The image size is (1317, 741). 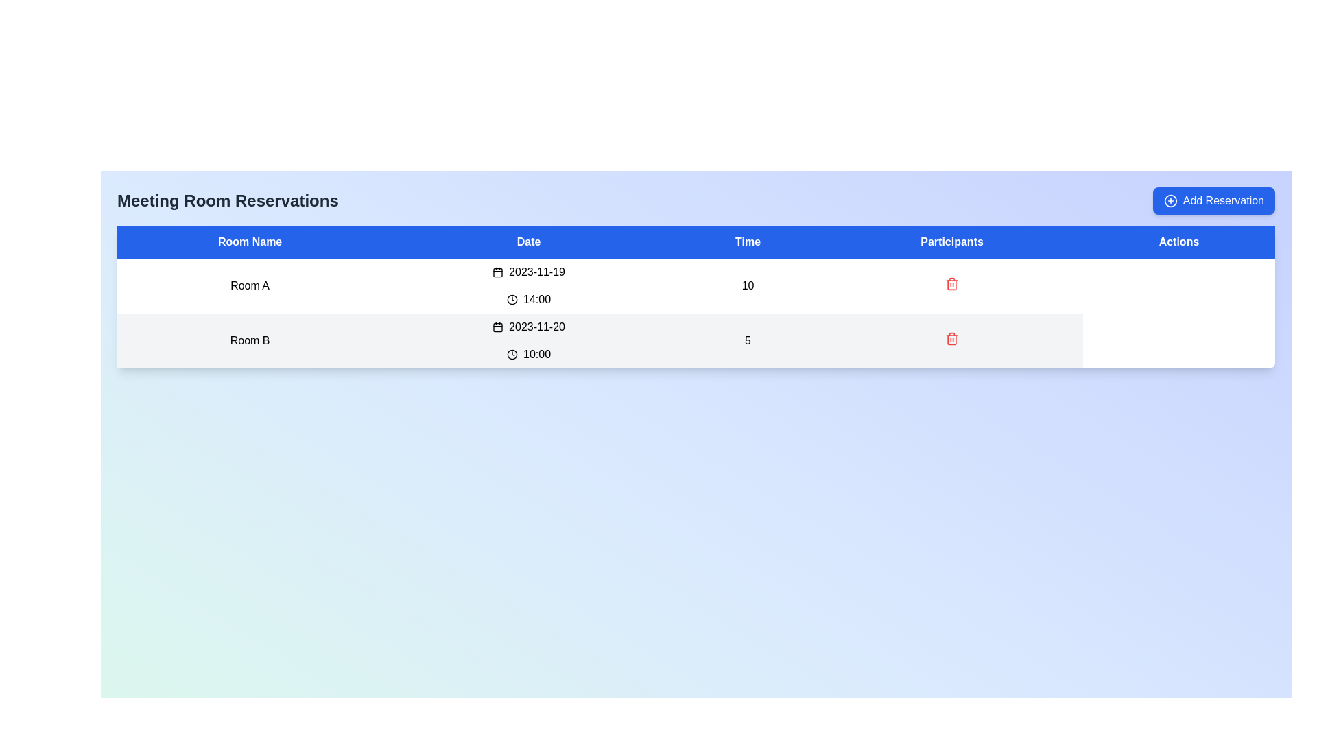 What do you see at coordinates (512, 353) in the screenshot?
I see `the circular clock icon located in the second row of the table under the 'Time' column, next to the '10:00' text` at bounding box center [512, 353].